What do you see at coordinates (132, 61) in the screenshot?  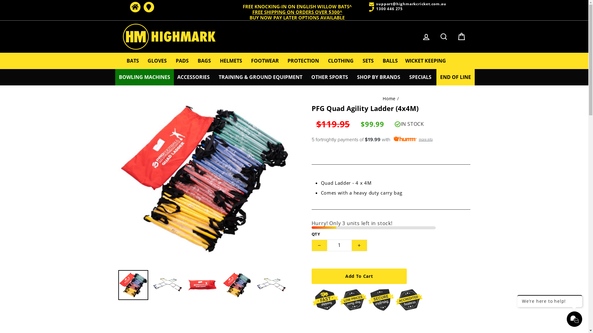 I see `'BATS'` at bounding box center [132, 61].